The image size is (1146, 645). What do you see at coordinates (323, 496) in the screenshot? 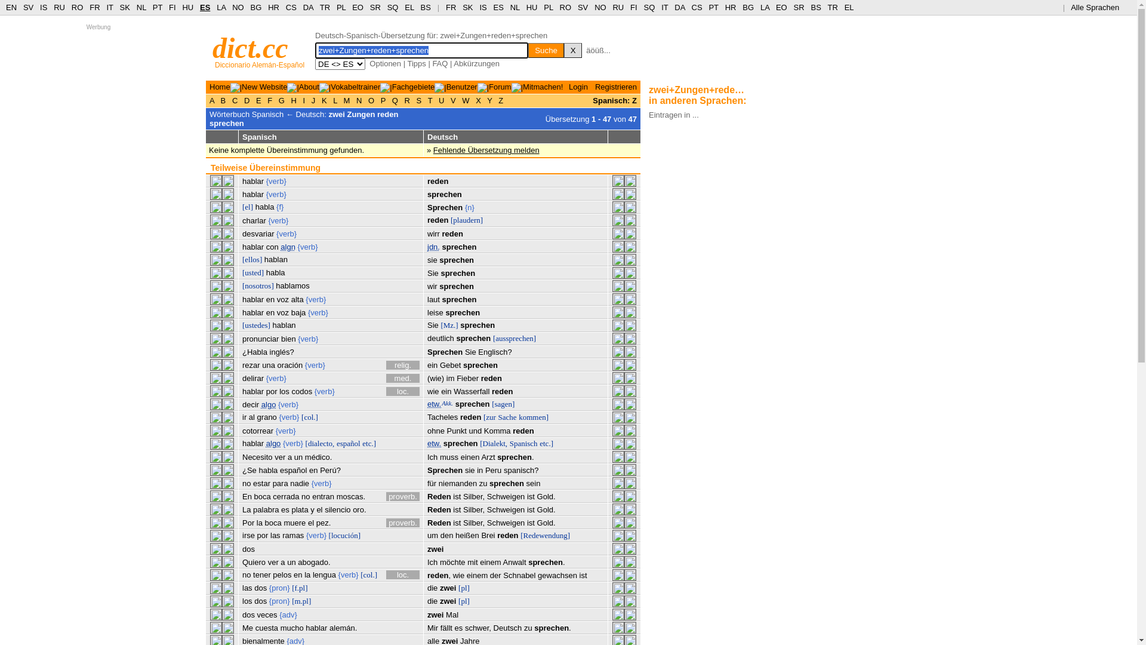
I see `'entran'` at bounding box center [323, 496].